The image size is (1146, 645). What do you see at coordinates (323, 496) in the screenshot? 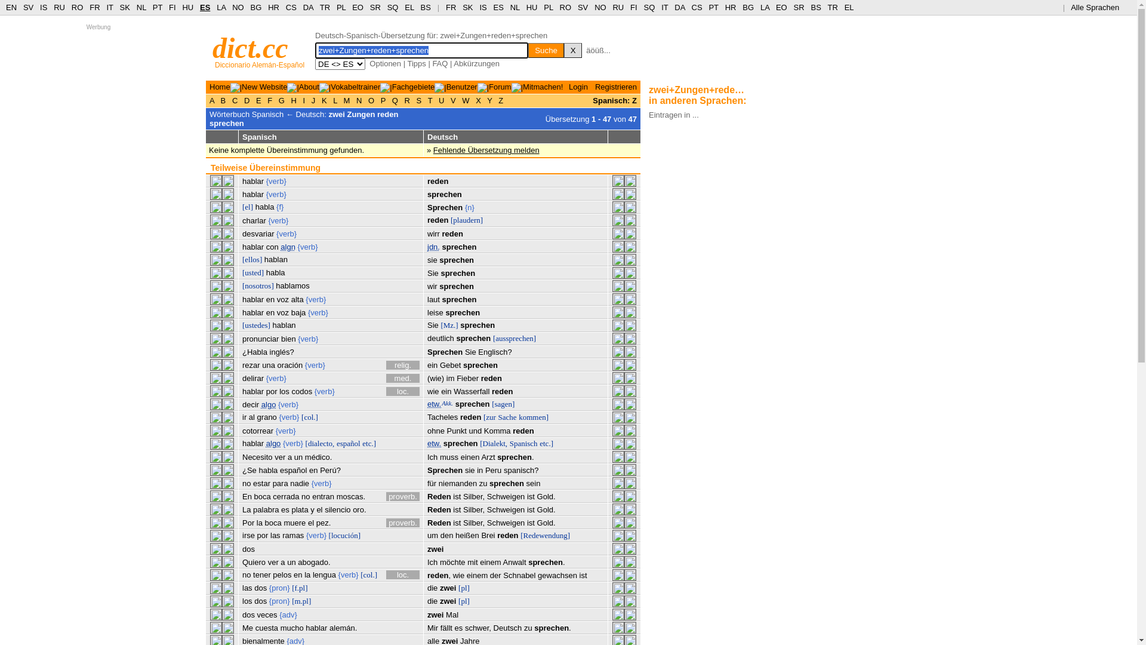
I see `'entran'` at bounding box center [323, 496].